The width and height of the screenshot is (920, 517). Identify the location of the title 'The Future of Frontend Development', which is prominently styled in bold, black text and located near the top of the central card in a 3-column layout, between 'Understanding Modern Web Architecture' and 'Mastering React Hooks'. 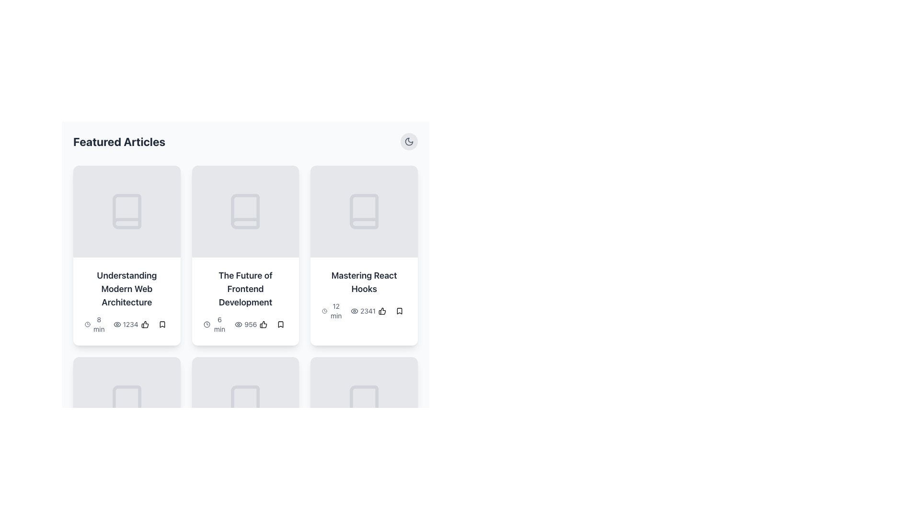
(245, 289).